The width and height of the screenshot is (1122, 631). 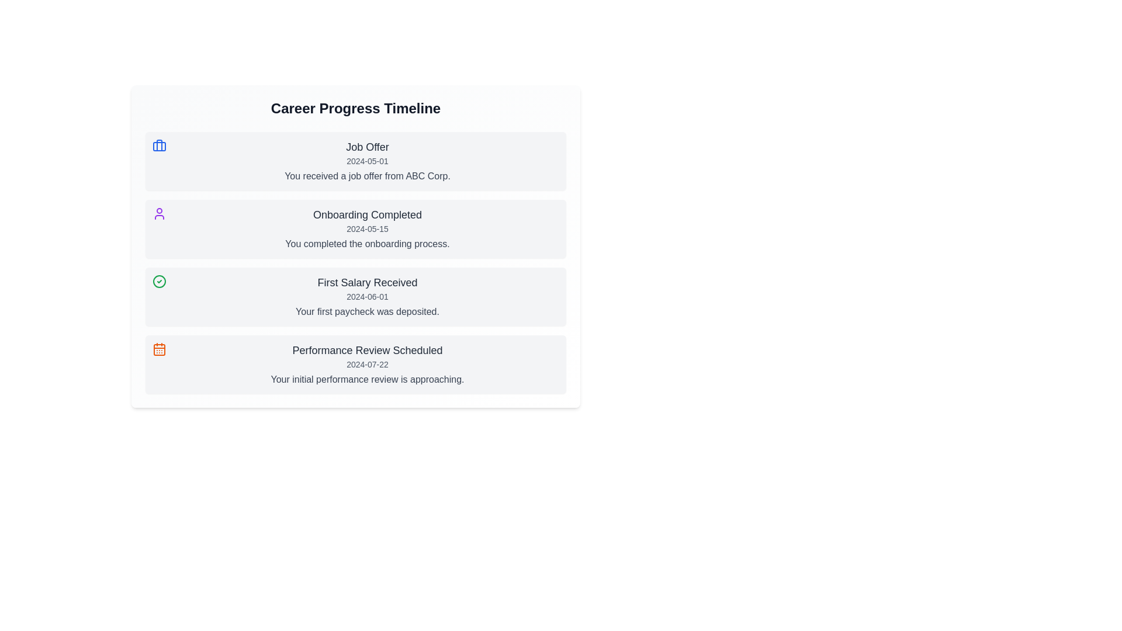 What do you see at coordinates (366, 311) in the screenshot?
I see `the informational text label located below the '2024-06-01' label in the 'First Salary Received' timeline event box` at bounding box center [366, 311].